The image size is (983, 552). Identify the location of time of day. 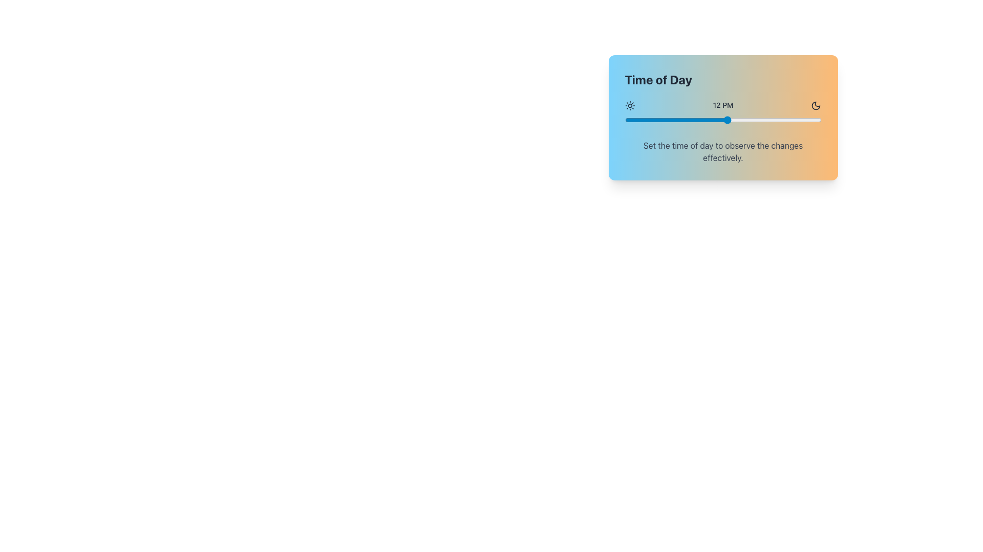
(778, 120).